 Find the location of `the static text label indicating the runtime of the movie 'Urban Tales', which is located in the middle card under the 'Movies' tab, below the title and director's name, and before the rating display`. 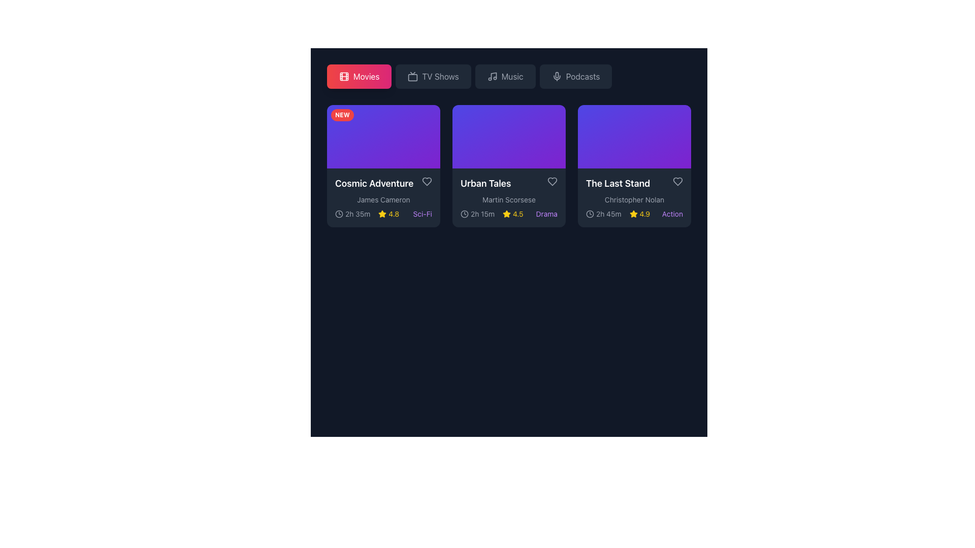

the static text label indicating the runtime of the movie 'Urban Tales', which is located in the middle card under the 'Movies' tab, below the title and director's name, and before the rating display is located at coordinates (477, 214).